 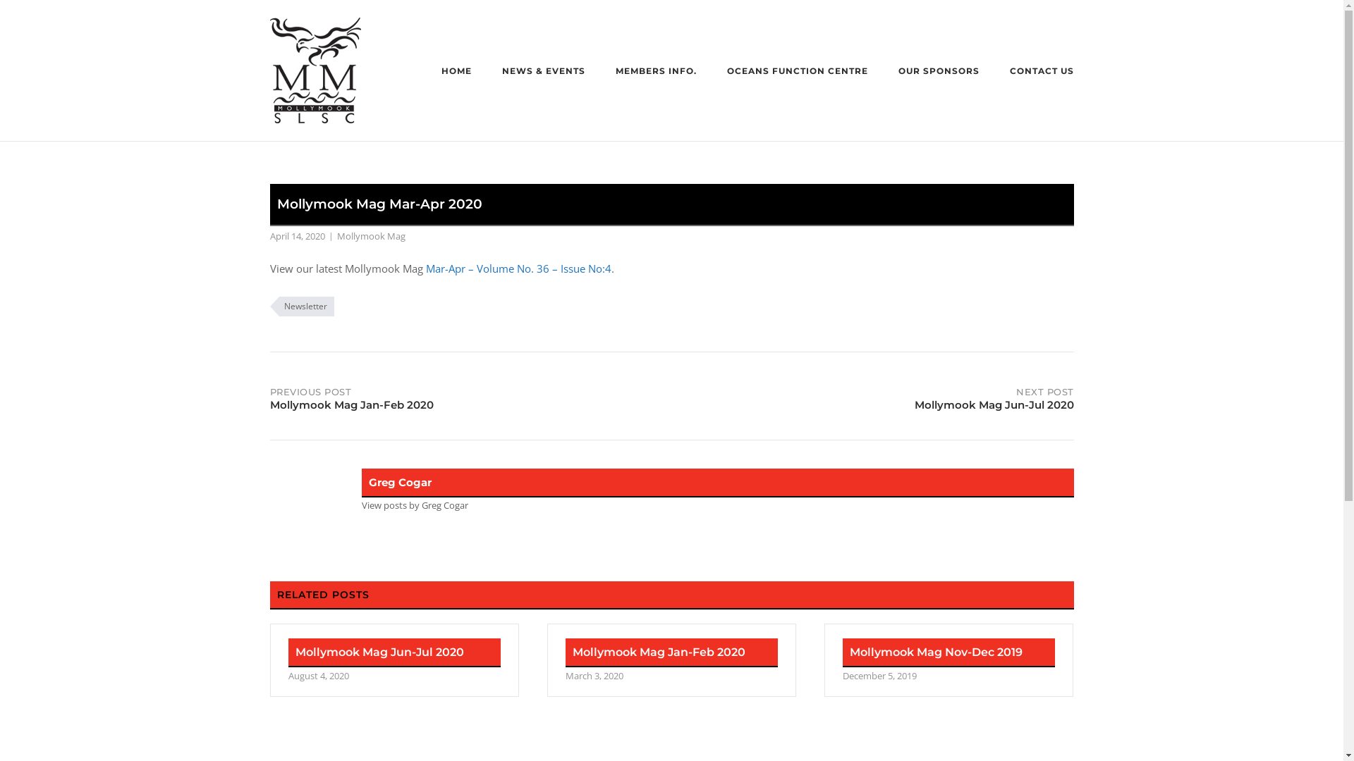 What do you see at coordinates (654, 73) in the screenshot?
I see `'MEMBERS INFO.'` at bounding box center [654, 73].